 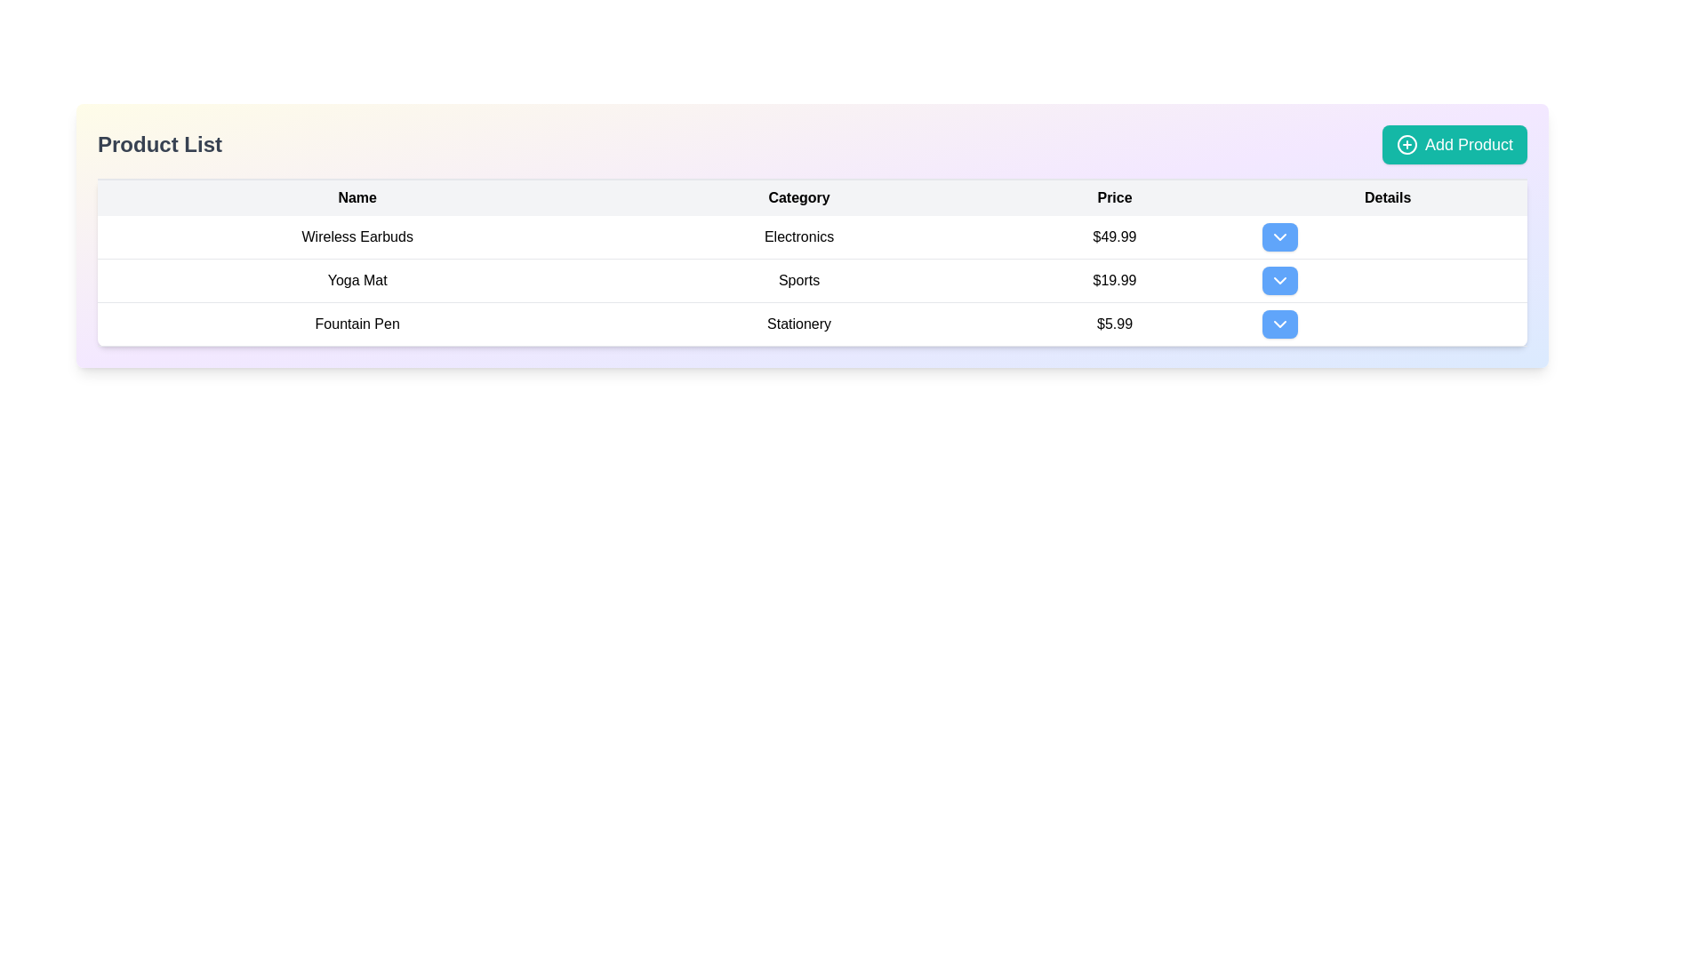 What do you see at coordinates (811, 236) in the screenshot?
I see `the first data row in the table that displays product details, including name, category, and price` at bounding box center [811, 236].